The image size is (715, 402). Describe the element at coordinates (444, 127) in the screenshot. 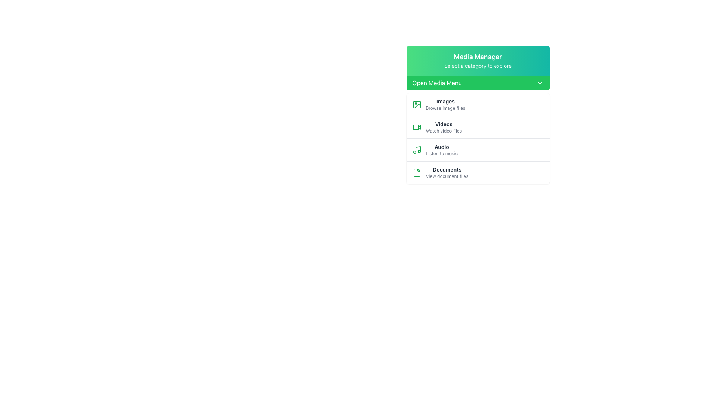

I see `the 'Videos' menu item, which features bold text above smaller gray text and is located in the 'Media Manager' section, positioned second in the list` at that location.